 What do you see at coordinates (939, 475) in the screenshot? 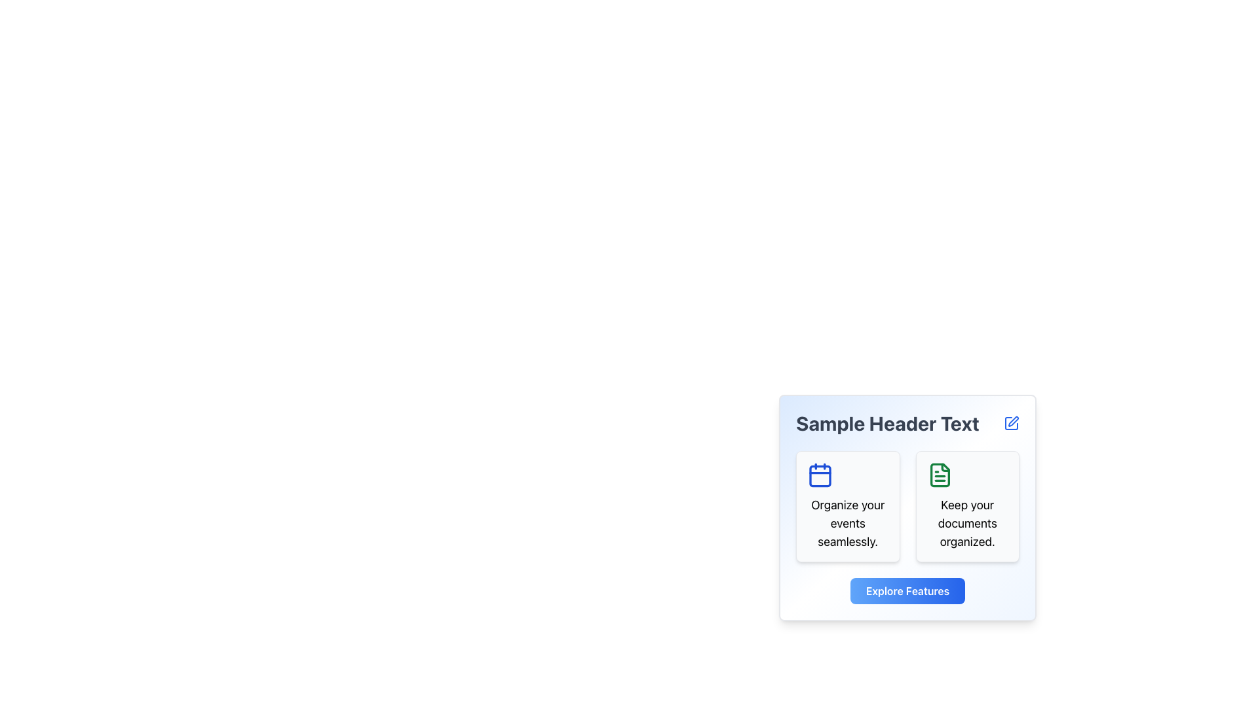
I see `the organizing documents icon located in the right feature box labeled 'Keep your documents organized'` at bounding box center [939, 475].